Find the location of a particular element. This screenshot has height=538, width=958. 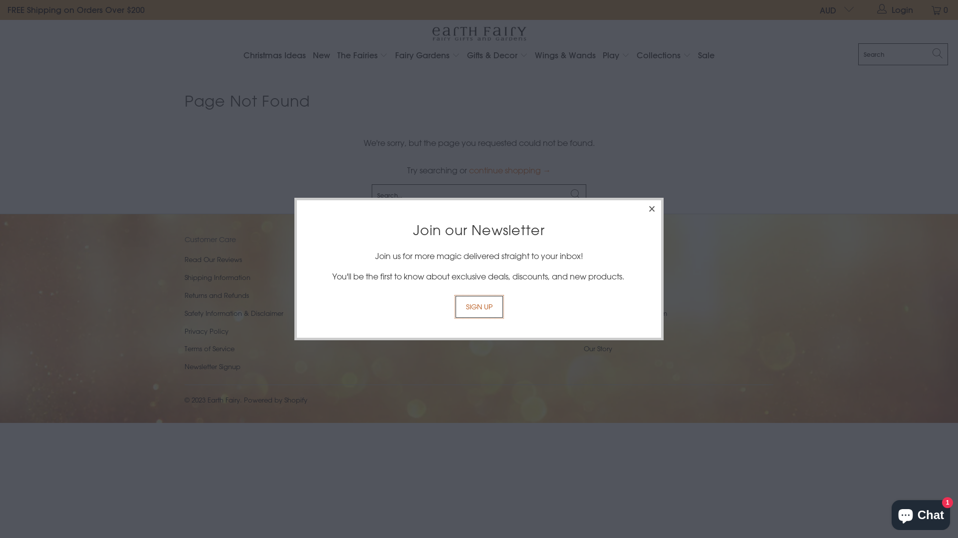

'Returns and Refunds' is located at coordinates (216, 294).